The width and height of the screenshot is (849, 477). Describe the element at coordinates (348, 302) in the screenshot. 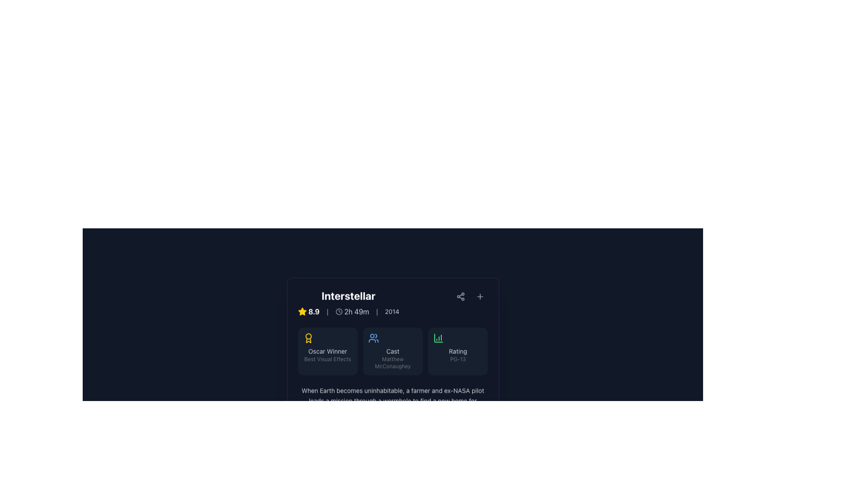

I see `the Movie information display block for 'Interstellar', which prominently features the title in bold white text and includes details like the rating, duration, and release year` at that location.